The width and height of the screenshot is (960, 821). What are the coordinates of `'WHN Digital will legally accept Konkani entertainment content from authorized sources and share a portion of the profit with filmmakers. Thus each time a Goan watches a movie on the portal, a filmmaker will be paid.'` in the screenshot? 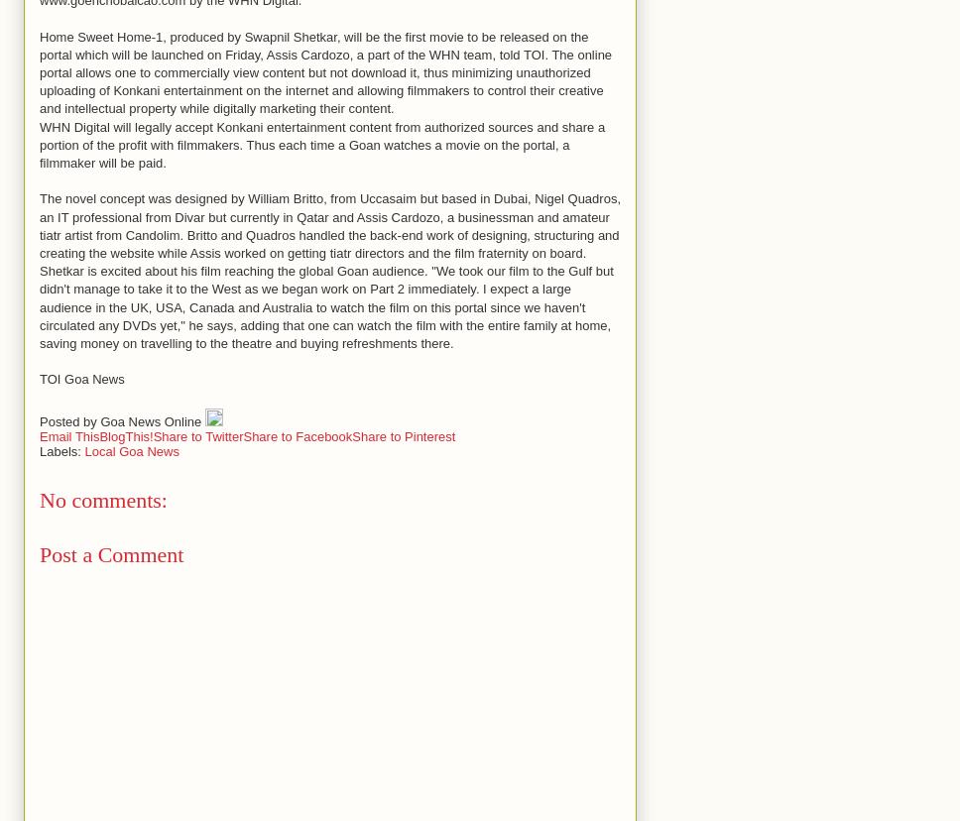 It's located at (321, 144).